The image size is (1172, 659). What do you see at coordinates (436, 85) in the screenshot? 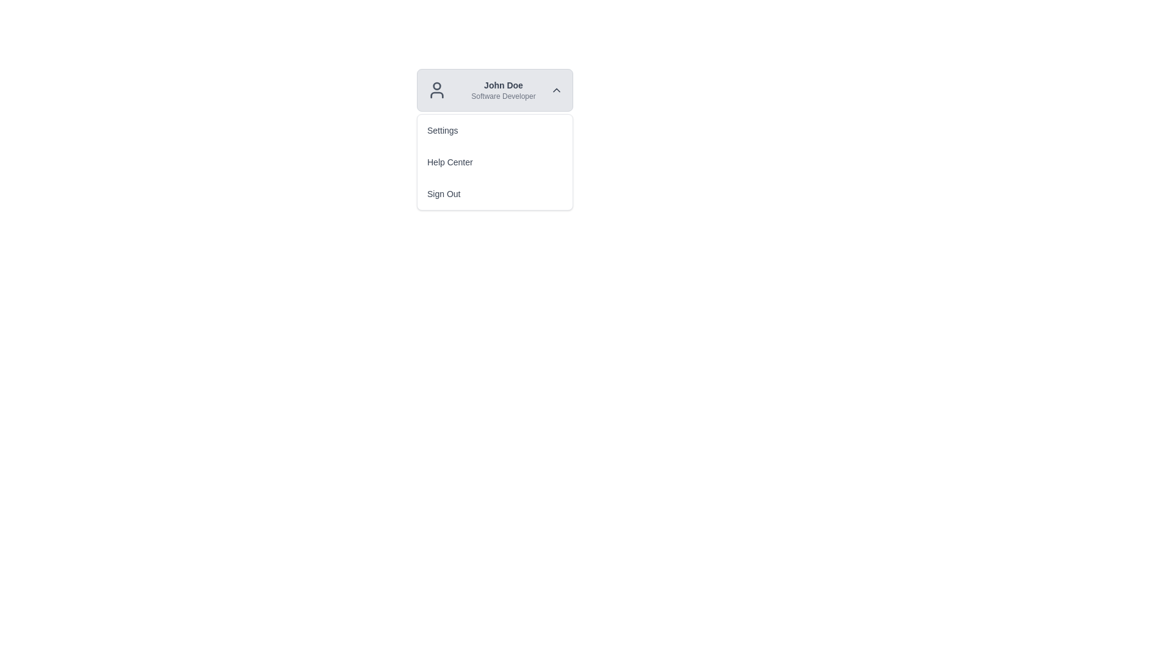
I see `the circular graphical element representing the user's avatar in the user profile section, located above the text 'John Doe' and to the left of the dropdown arrow` at bounding box center [436, 85].